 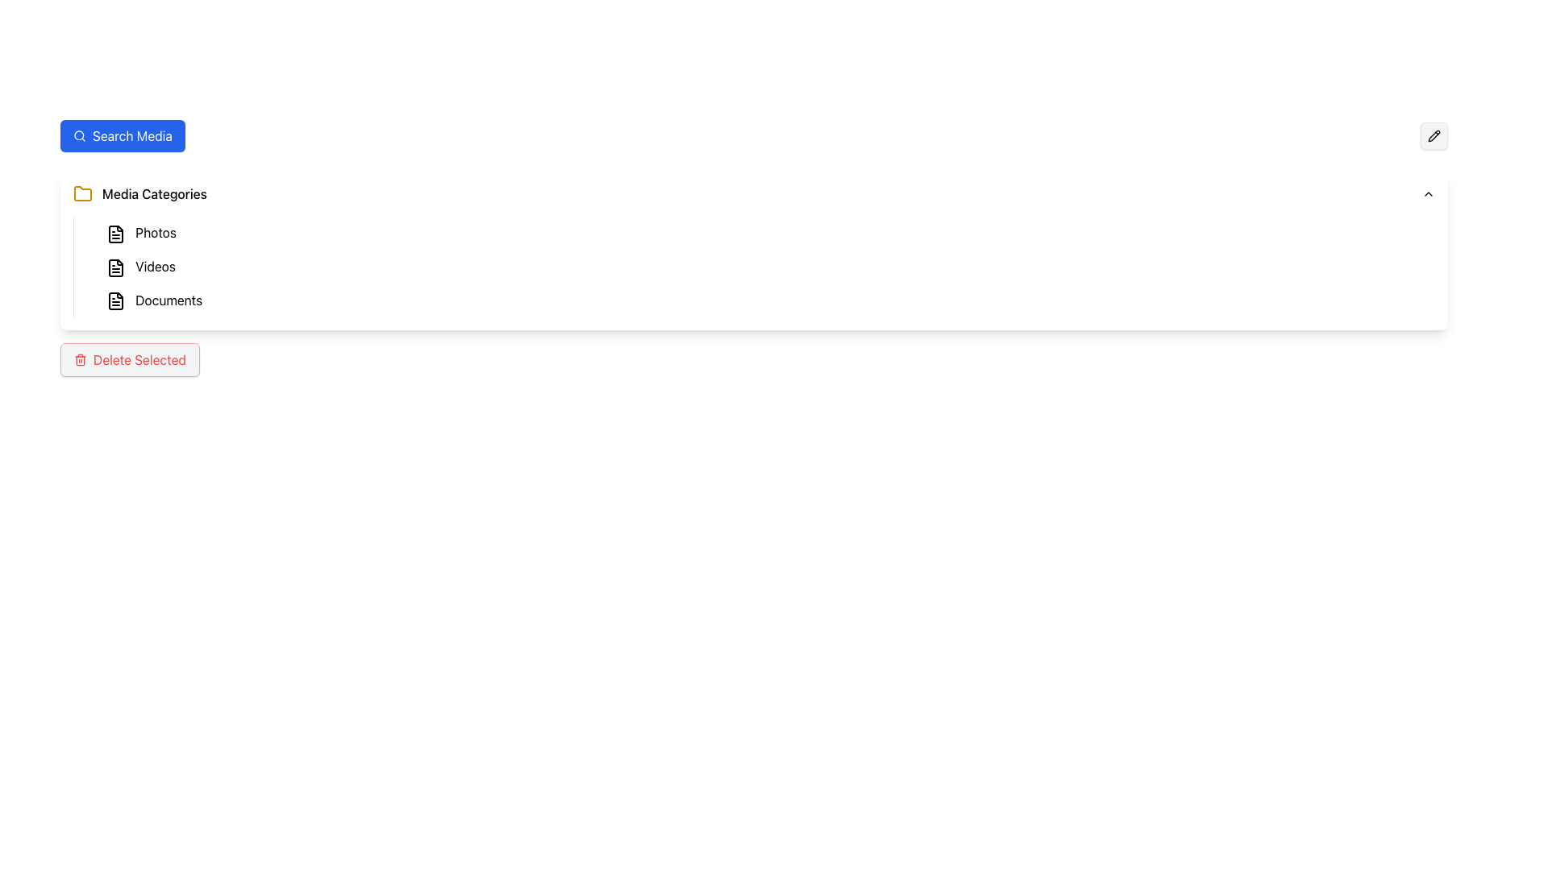 What do you see at coordinates (1434, 135) in the screenshot?
I see `the pencil-shaped icon located in the top-right corner of the interface` at bounding box center [1434, 135].